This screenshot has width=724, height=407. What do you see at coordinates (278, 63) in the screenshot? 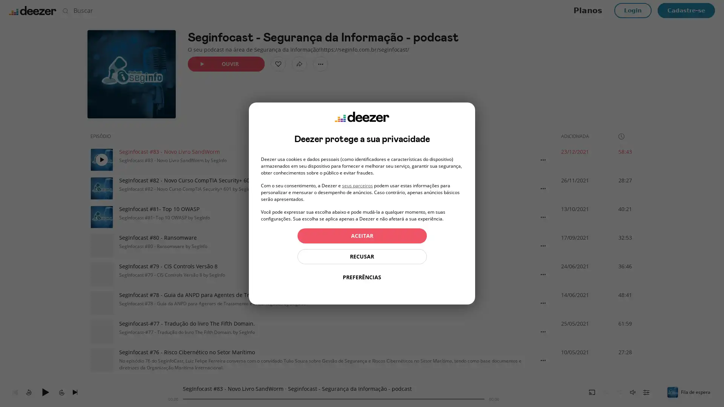
I see `Adicionar` at bounding box center [278, 63].